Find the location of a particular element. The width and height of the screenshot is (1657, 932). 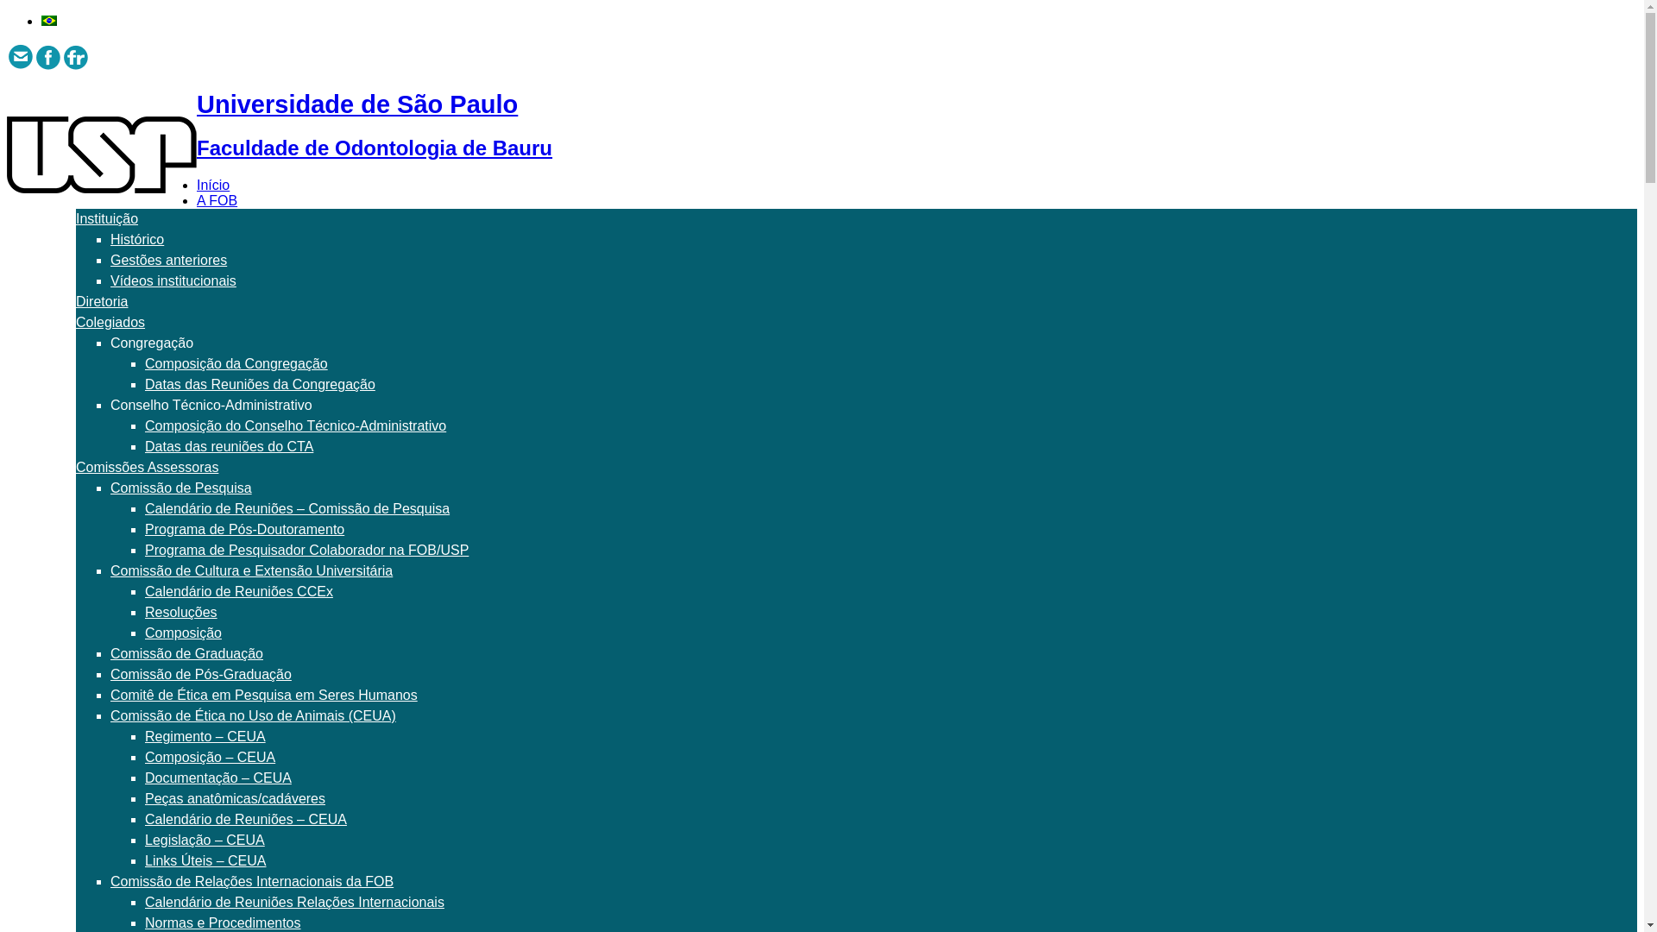

'A FOB' is located at coordinates (216, 199).